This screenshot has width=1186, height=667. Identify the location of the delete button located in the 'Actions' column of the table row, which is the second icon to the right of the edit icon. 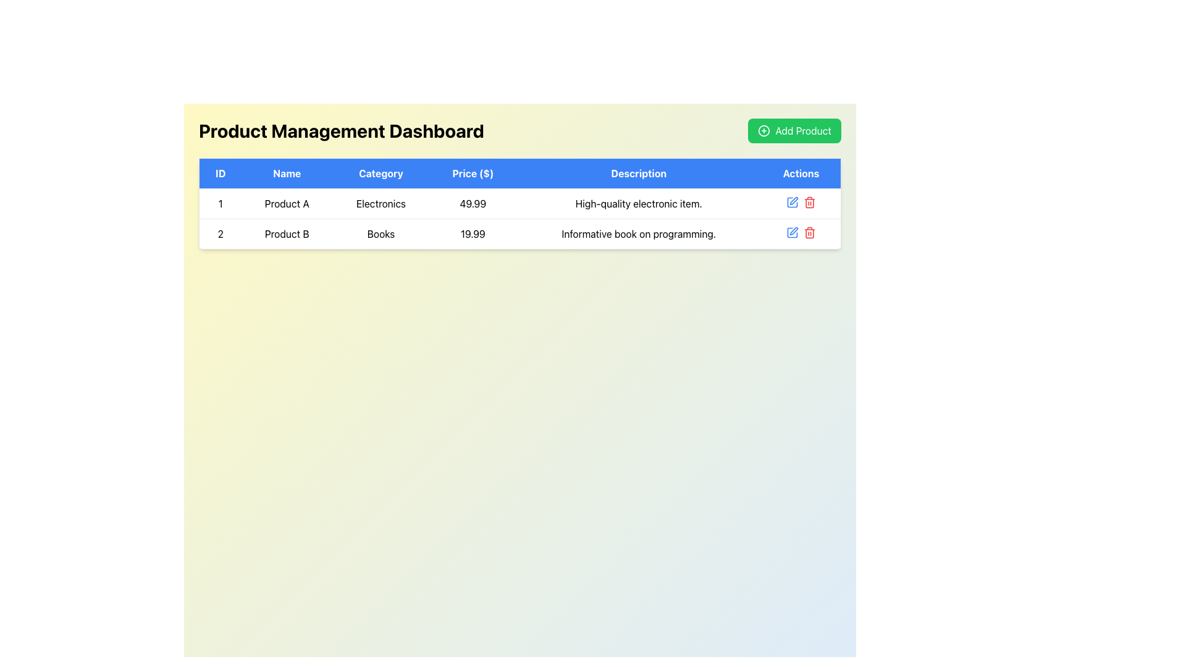
(809, 233).